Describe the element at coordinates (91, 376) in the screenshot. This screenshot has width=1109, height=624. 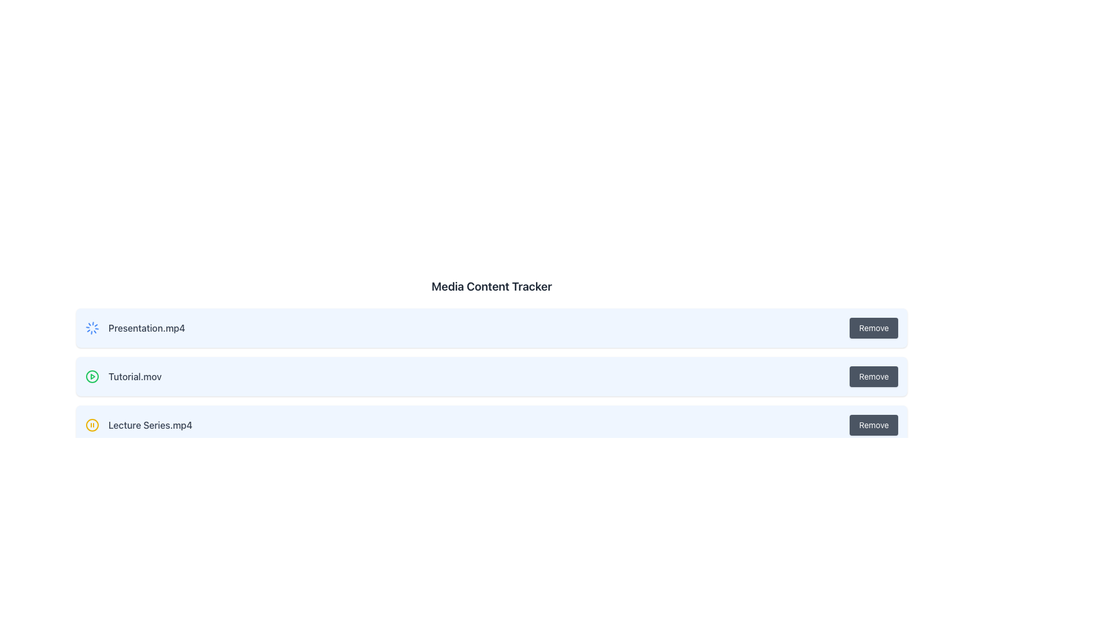
I see `the play button icon located to the left of the text 'Tutorial.mov' in the middle row of the media content tracker interface to initiate video playback` at that location.